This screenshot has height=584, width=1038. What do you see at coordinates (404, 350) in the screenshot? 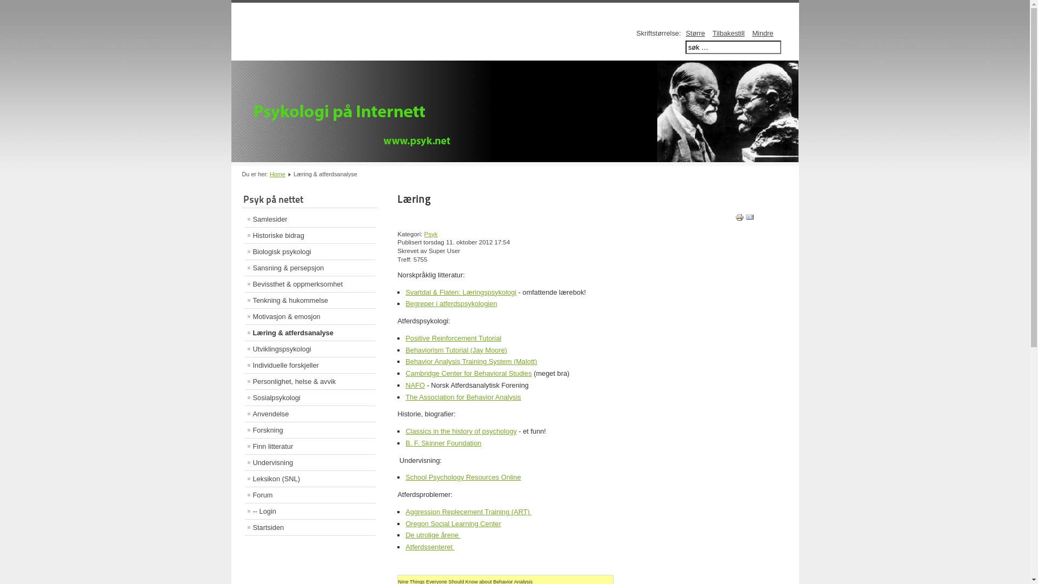
I see `'Behaviorism Tutorial (Jay Moore)'` at bounding box center [404, 350].